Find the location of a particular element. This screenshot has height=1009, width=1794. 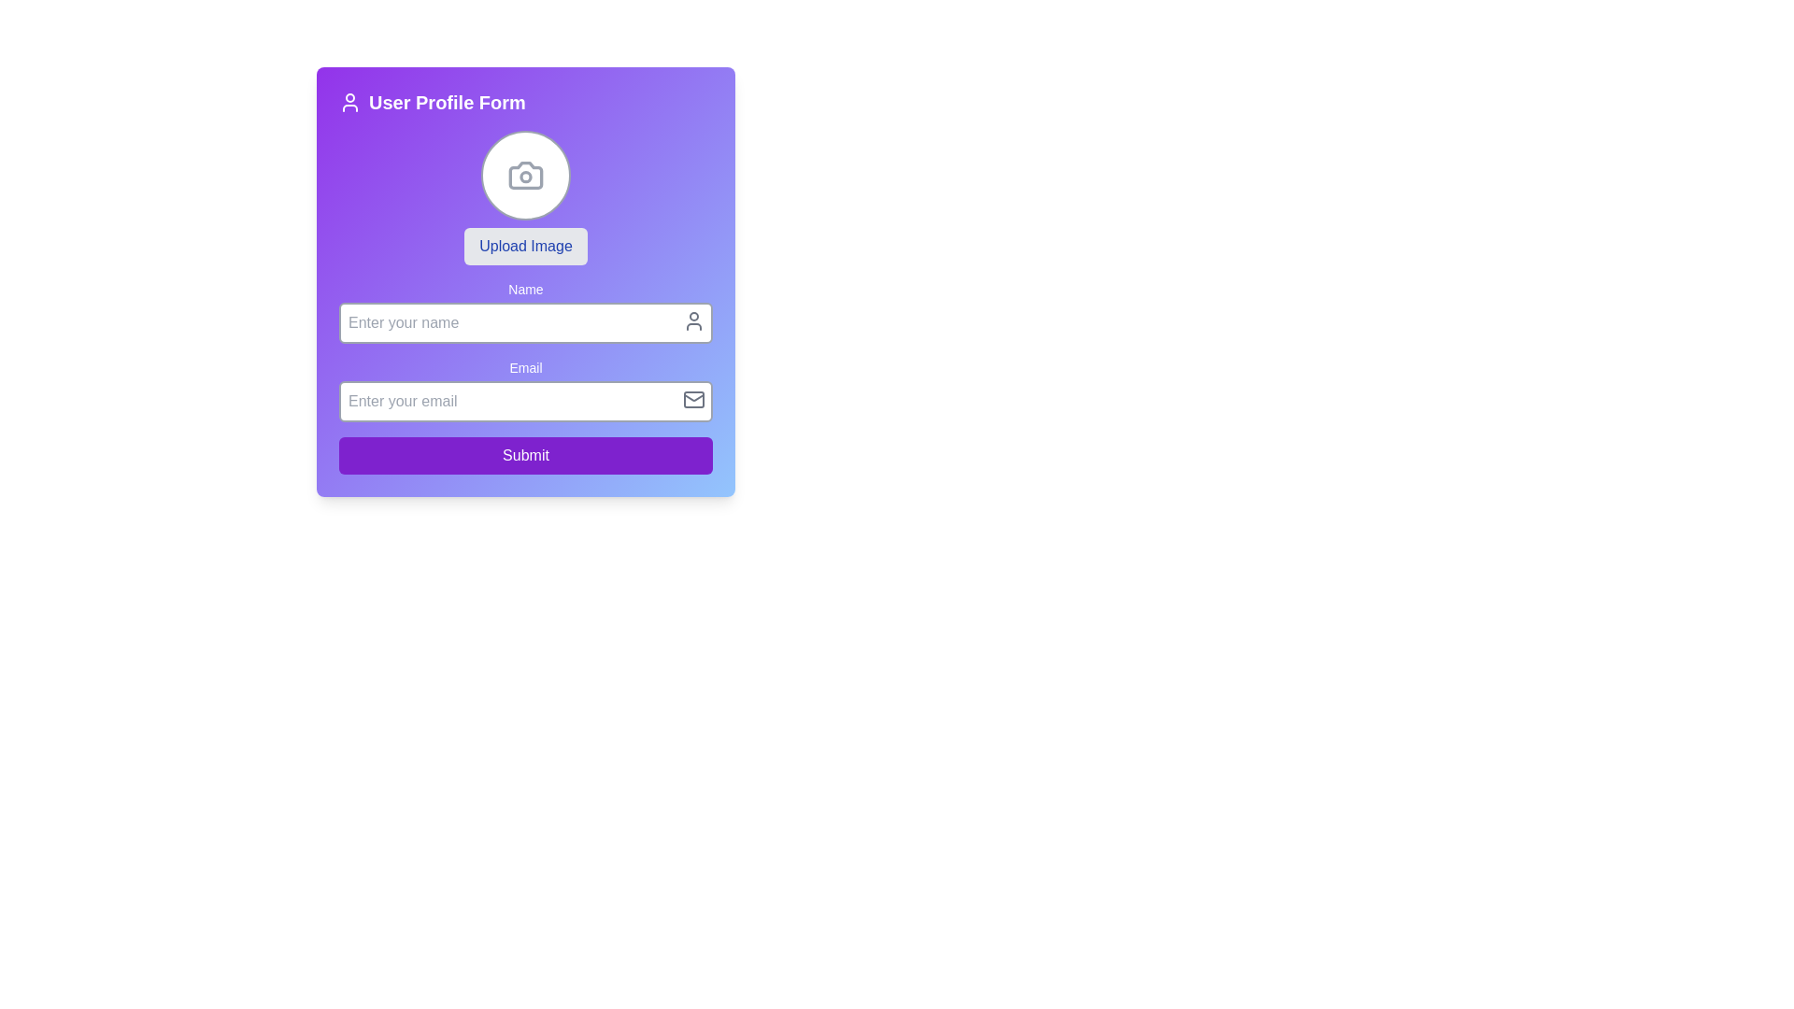

the 'Upload Image' button, which has a gray background and blue text, to observe its hover effect is located at coordinates (524, 245).